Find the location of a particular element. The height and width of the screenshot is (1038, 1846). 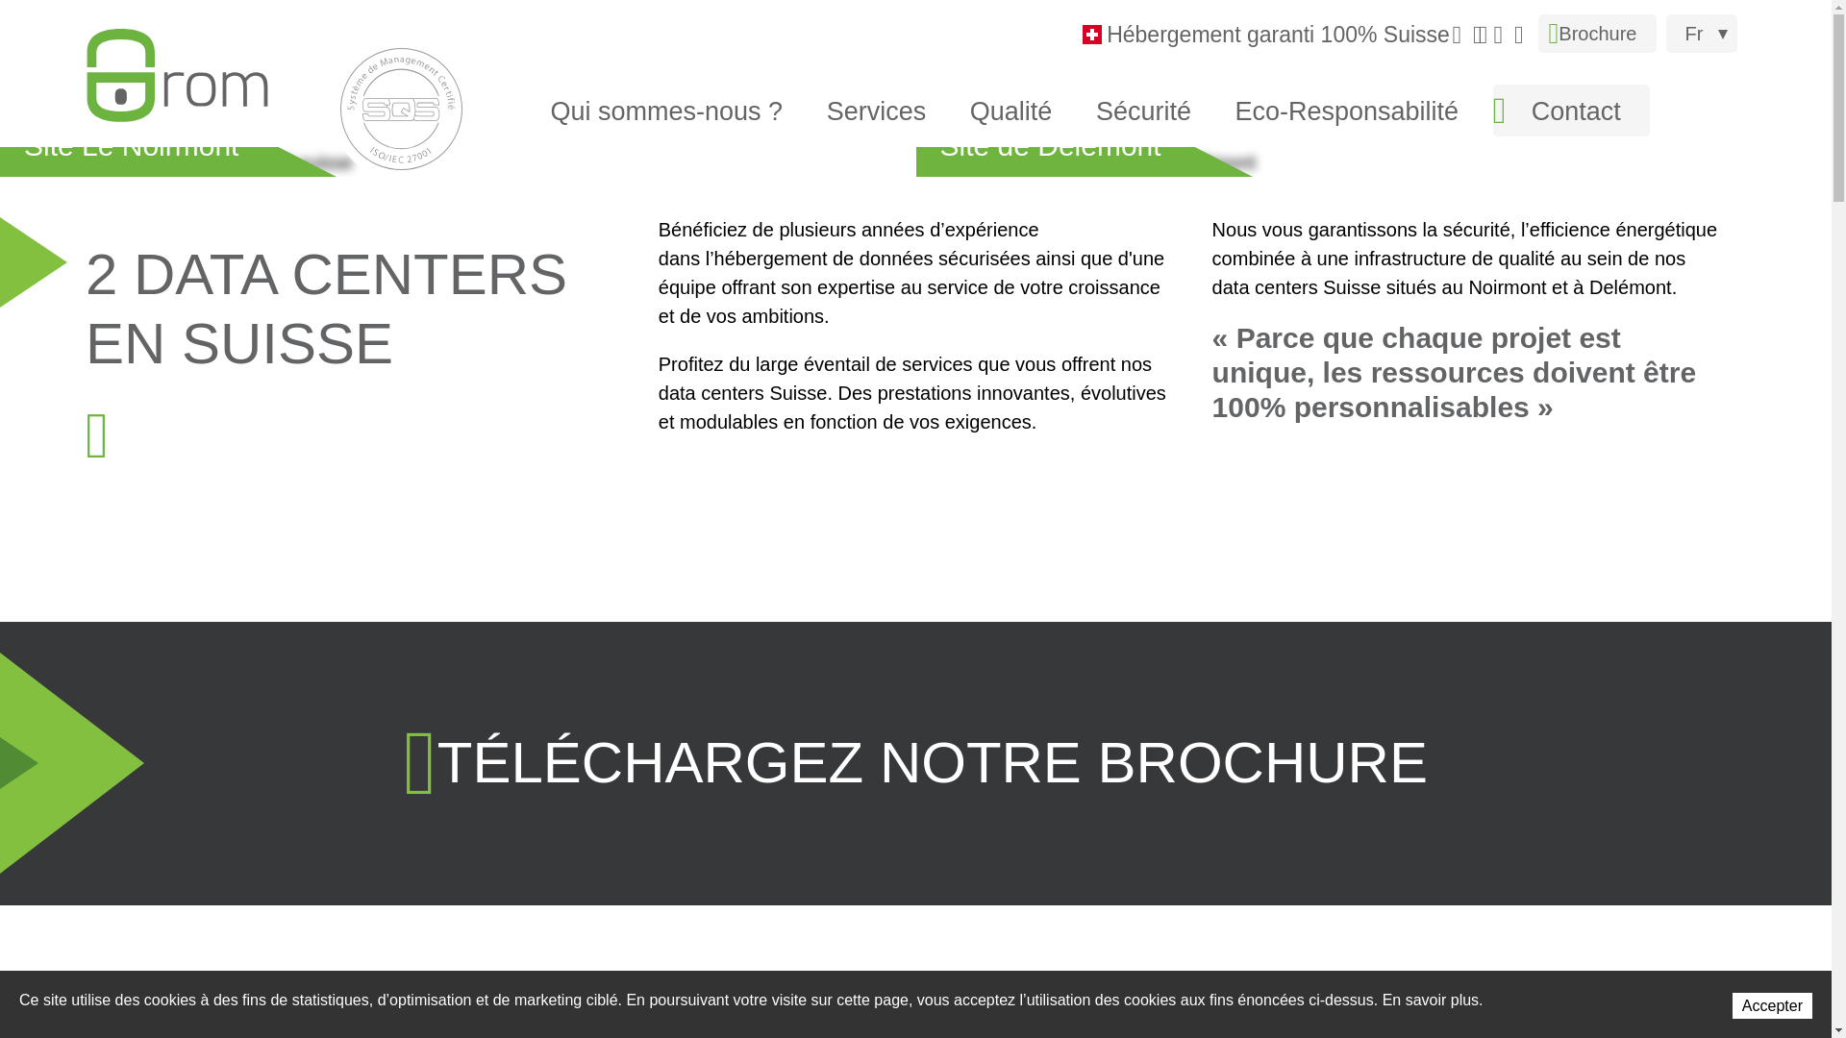

'Accepter' is located at coordinates (1771, 1004).